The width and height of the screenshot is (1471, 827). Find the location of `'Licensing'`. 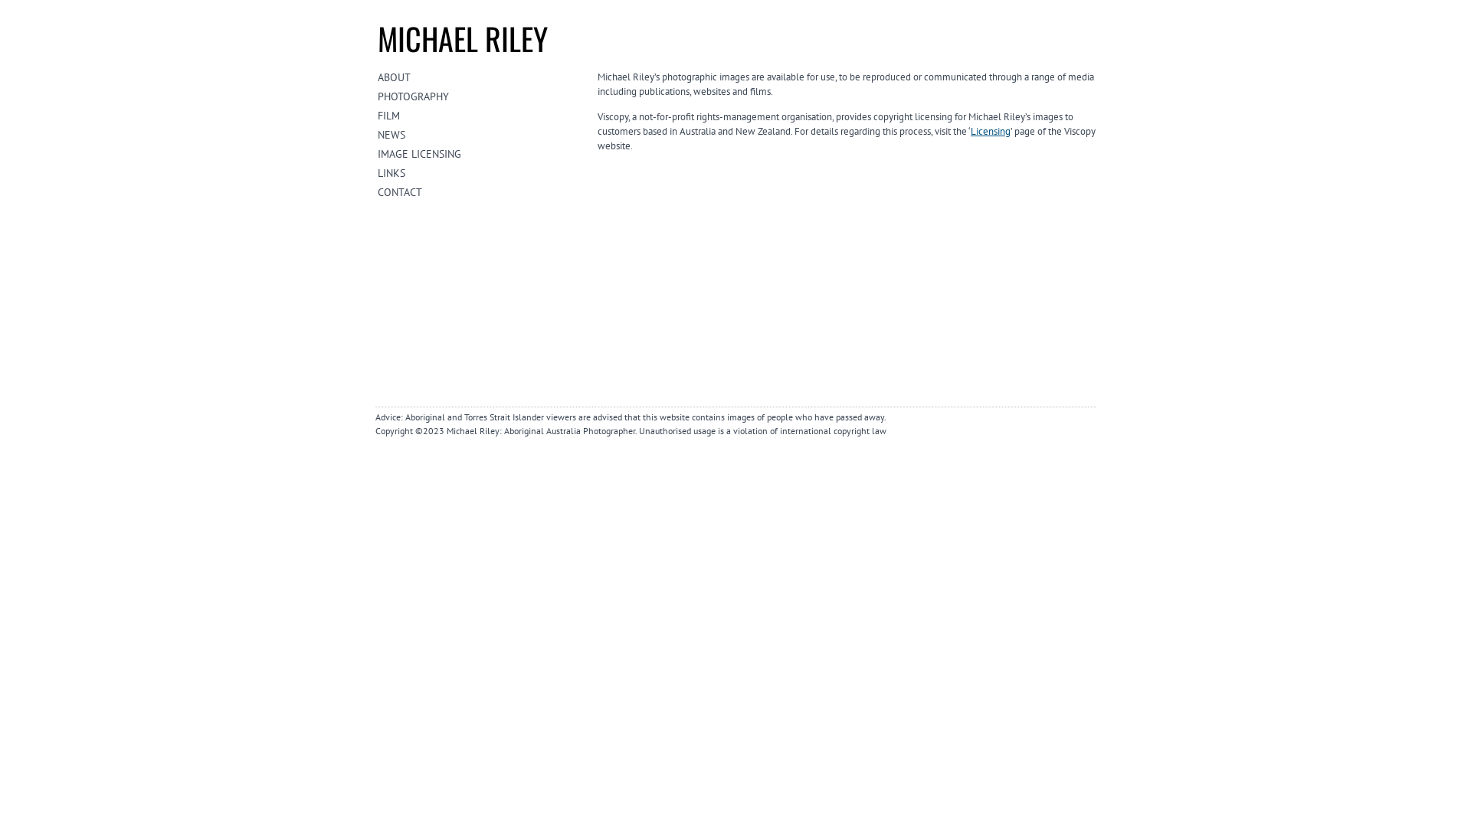

'Licensing' is located at coordinates (990, 130).